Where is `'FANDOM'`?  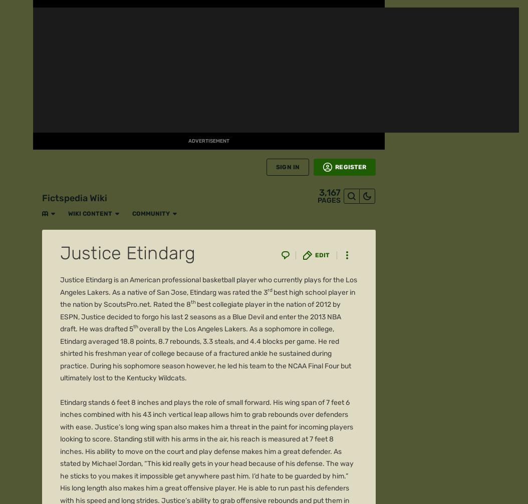
'FANDOM' is located at coordinates (6, 33).